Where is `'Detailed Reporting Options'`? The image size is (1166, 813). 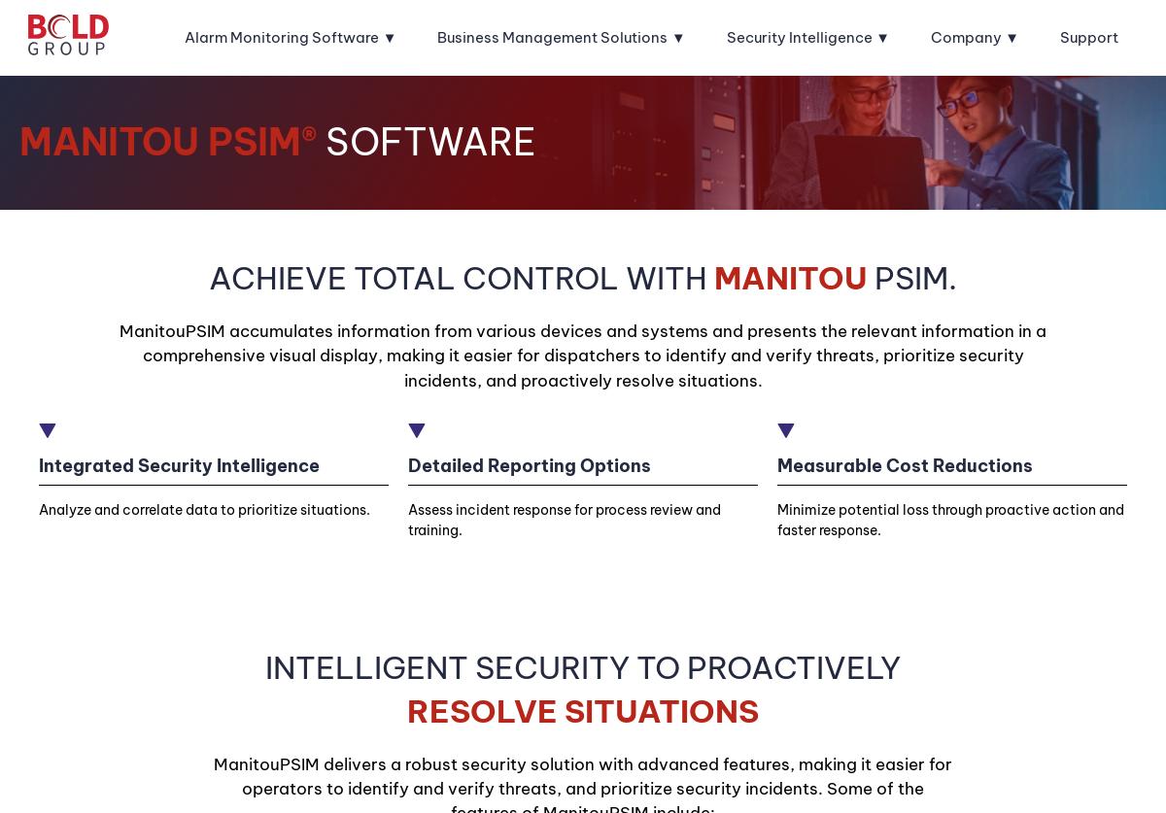
'Detailed Reporting Options' is located at coordinates (527, 463).